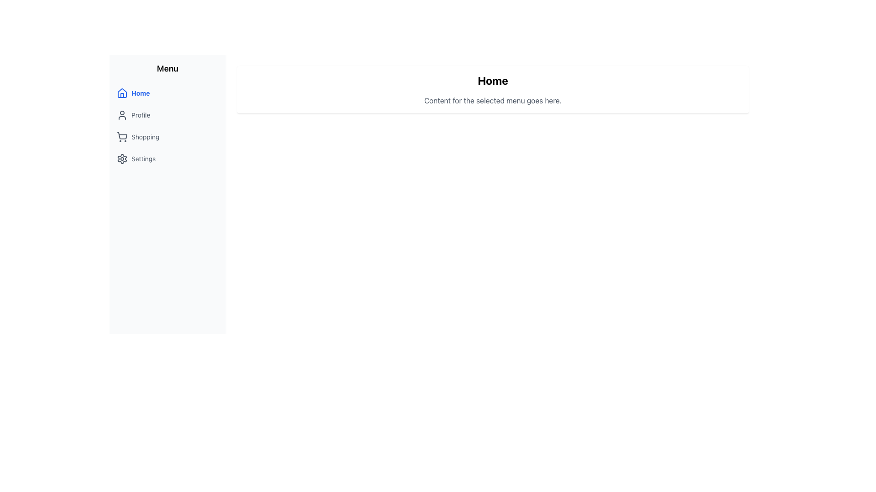 This screenshot has height=492, width=876. Describe the element at coordinates (122, 137) in the screenshot. I see `the Shopping menu icon located in the sidebar menu, which serves as a visual indicator for navigation` at that location.